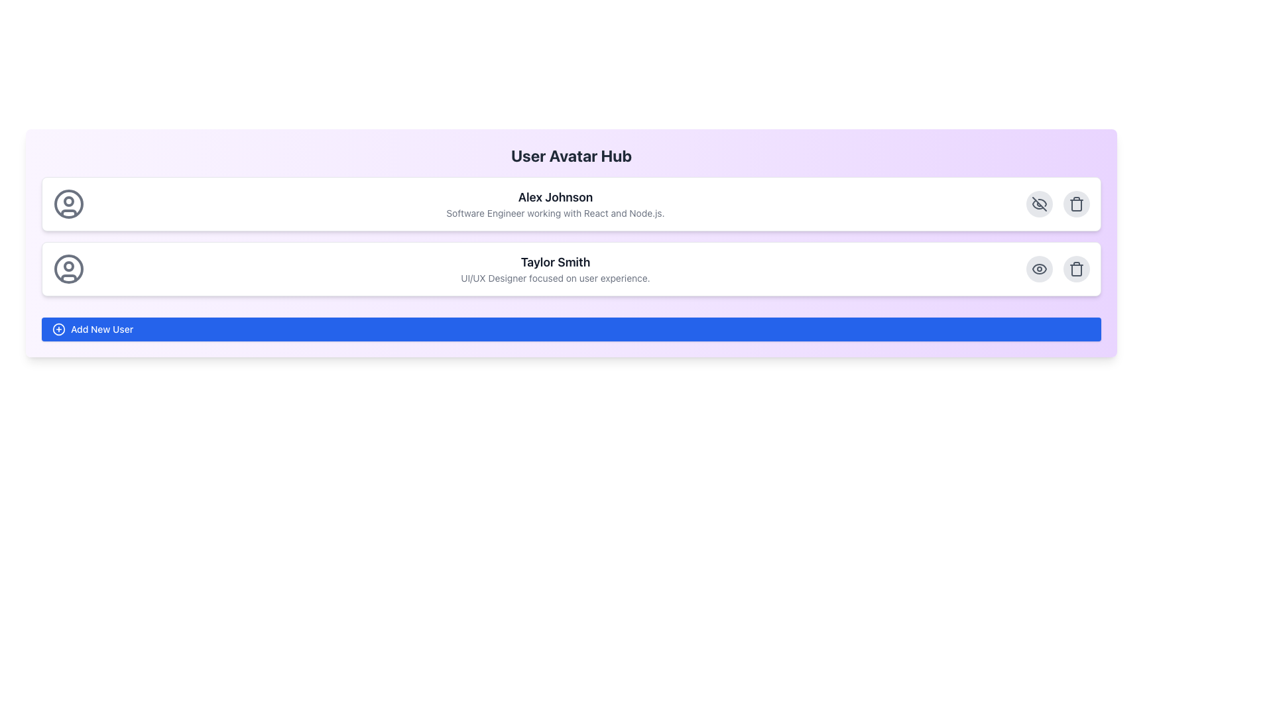  I want to click on the visibility toggle icon to control the visibility of Taylor Smith's details in the user information list, so click(1039, 268).